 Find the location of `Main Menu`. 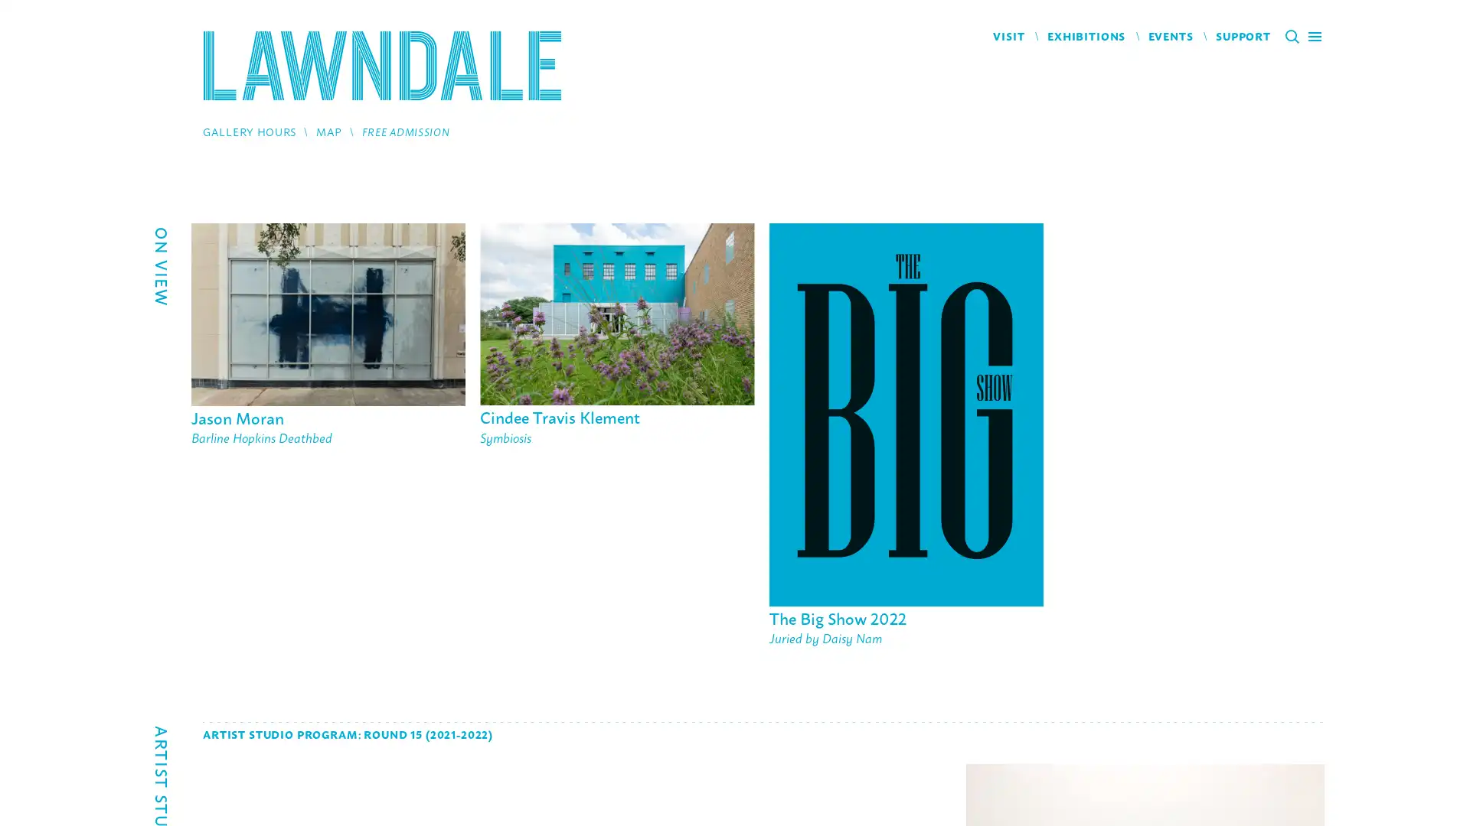

Main Menu is located at coordinates (1314, 35).